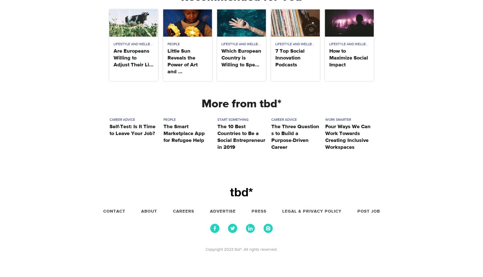 The width and height of the screenshot is (483, 277). What do you see at coordinates (222, 211) in the screenshot?
I see `'Advertise'` at bounding box center [222, 211].